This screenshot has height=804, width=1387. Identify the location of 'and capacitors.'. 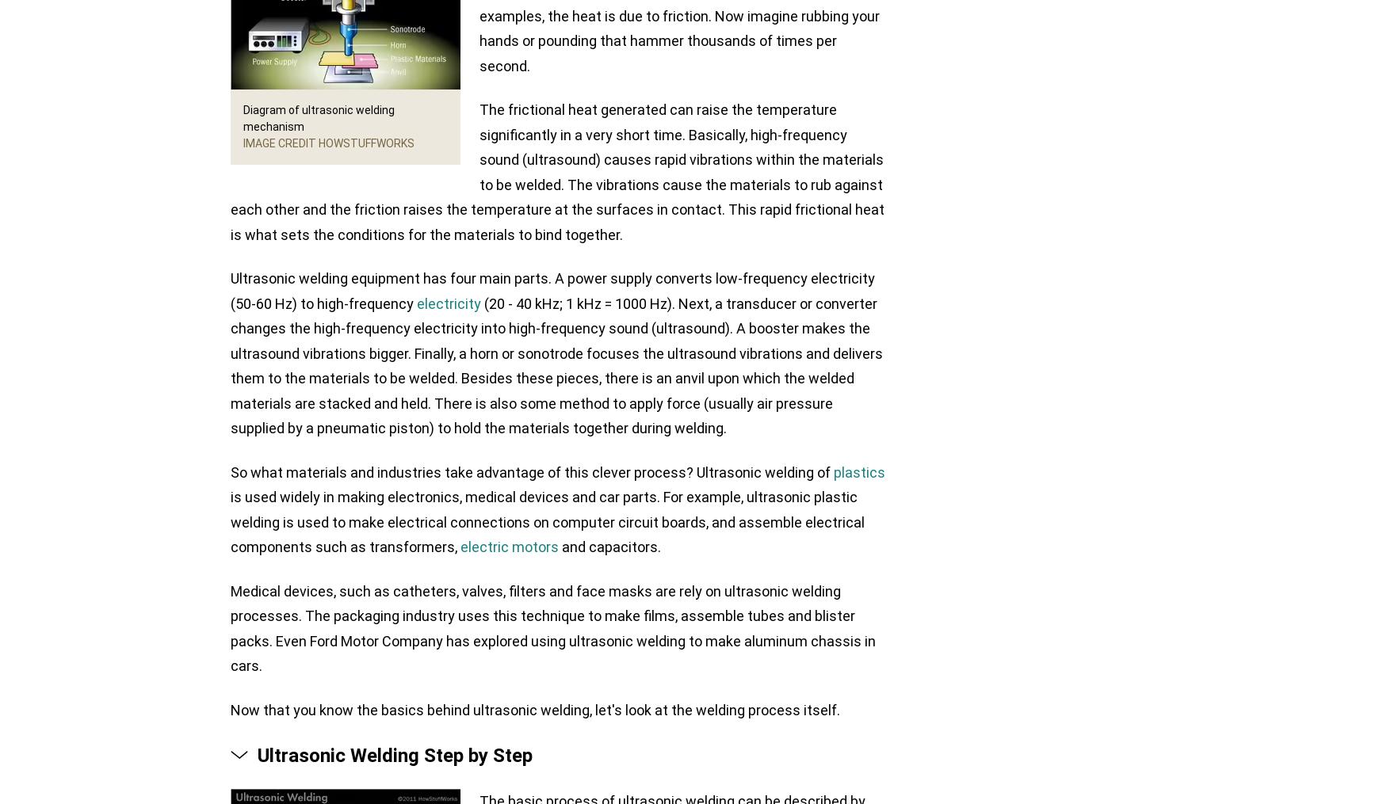
(559, 547).